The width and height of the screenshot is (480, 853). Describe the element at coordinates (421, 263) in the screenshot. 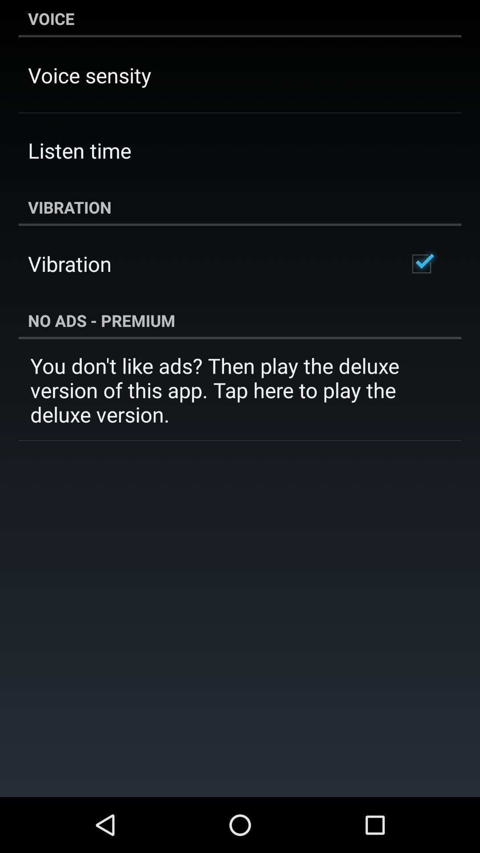

I see `the checkbox at the top right corner` at that location.